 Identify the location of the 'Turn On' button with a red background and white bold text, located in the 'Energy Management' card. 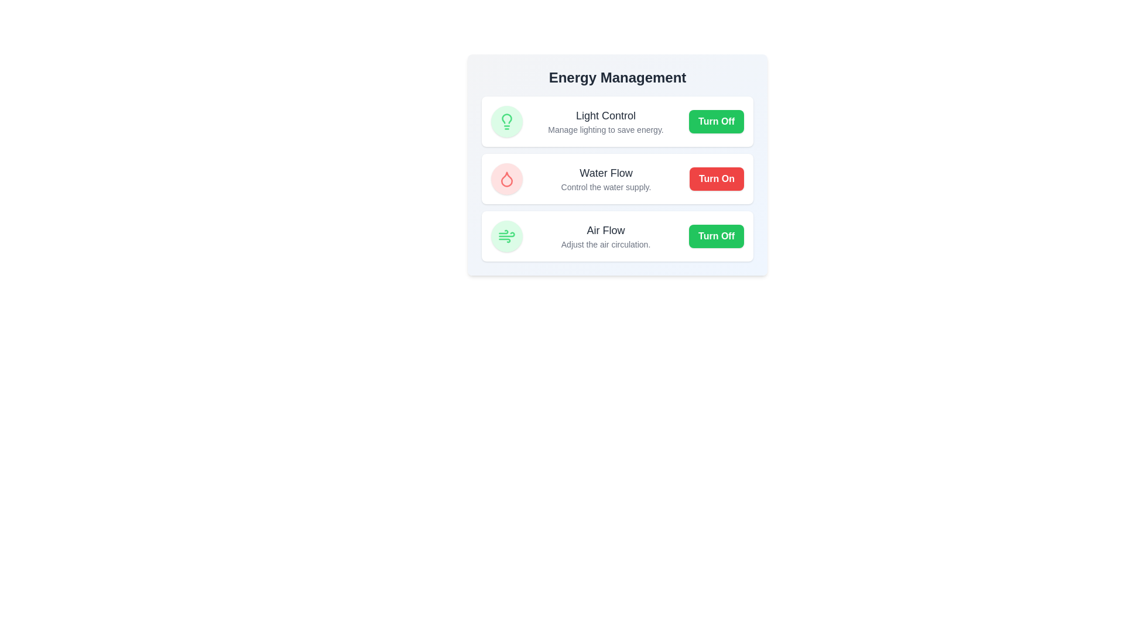
(716, 178).